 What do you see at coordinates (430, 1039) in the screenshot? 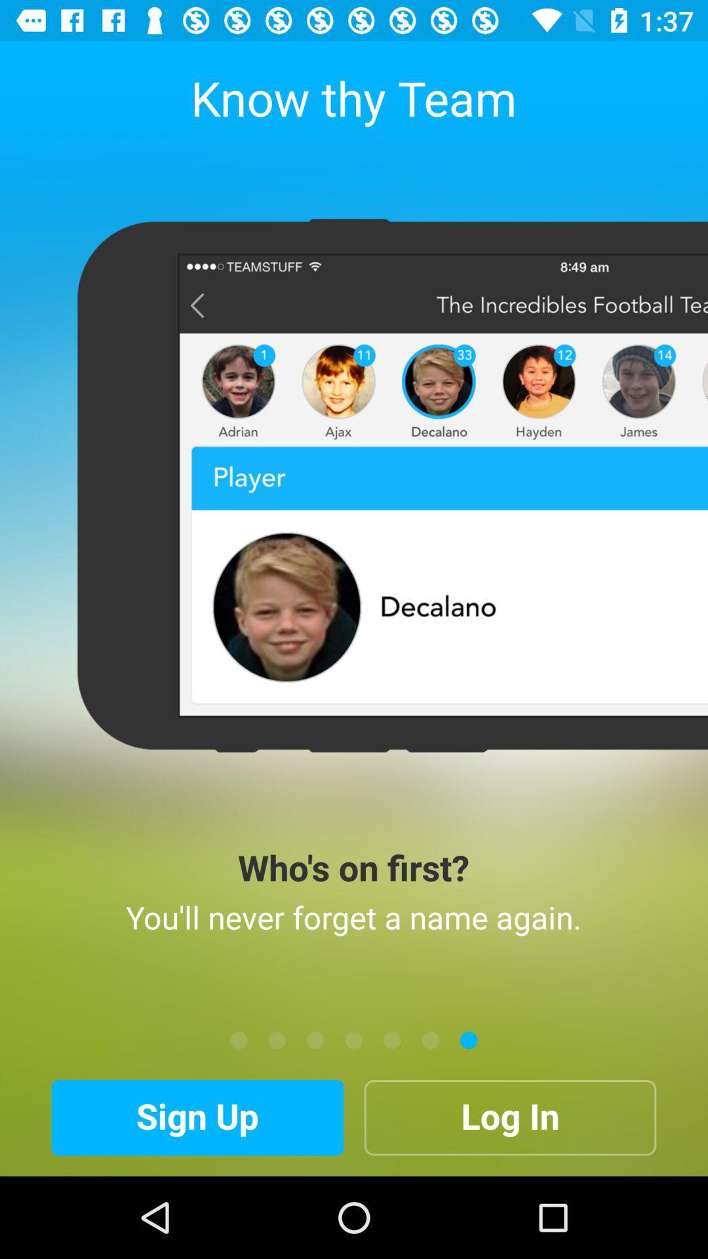
I see `sixth tile` at bounding box center [430, 1039].